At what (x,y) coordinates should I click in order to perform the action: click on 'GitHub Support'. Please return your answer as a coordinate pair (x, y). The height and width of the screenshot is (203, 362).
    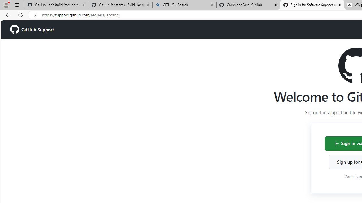
    Looking at the image, I should click on (32, 29).